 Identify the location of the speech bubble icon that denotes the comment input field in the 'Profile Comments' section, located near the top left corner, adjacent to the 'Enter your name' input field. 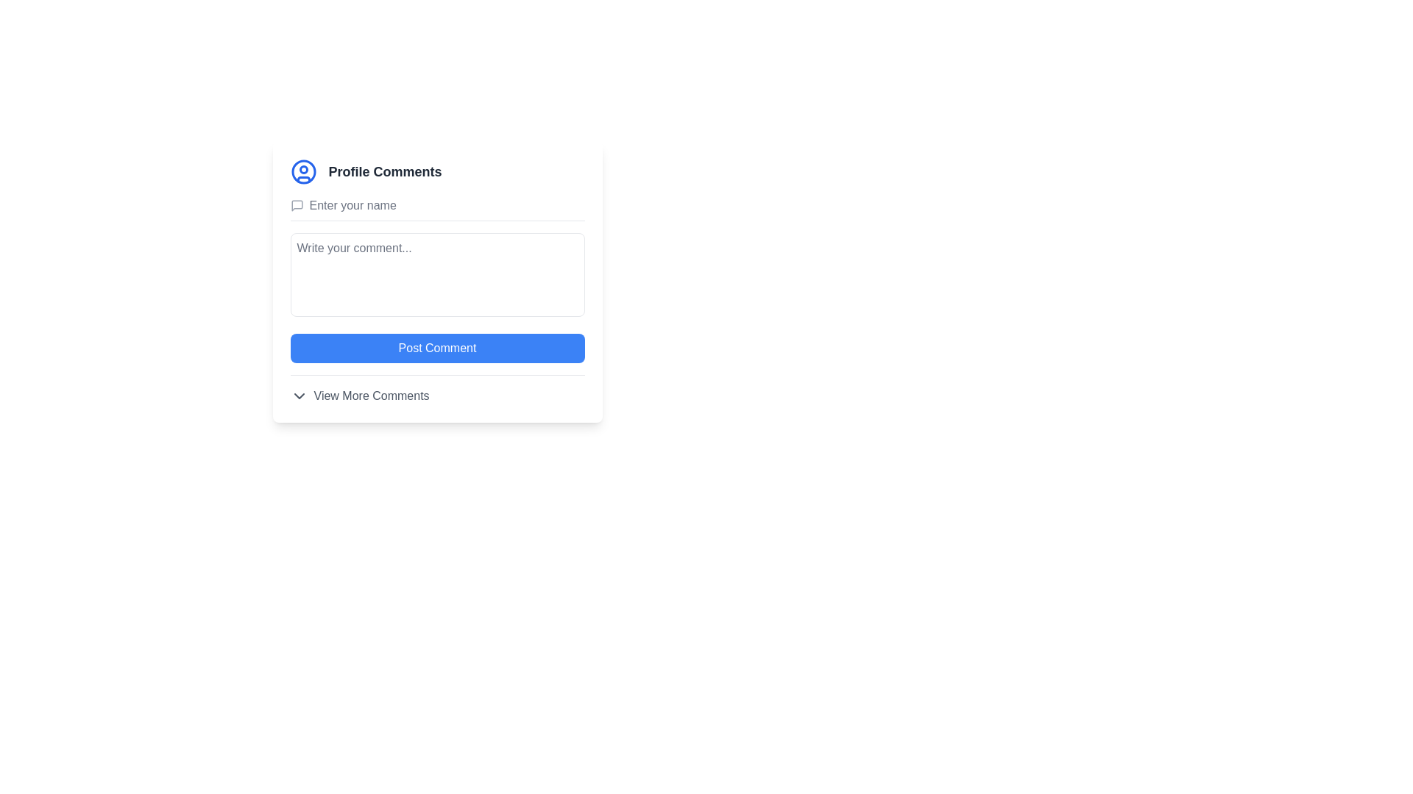
(296, 206).